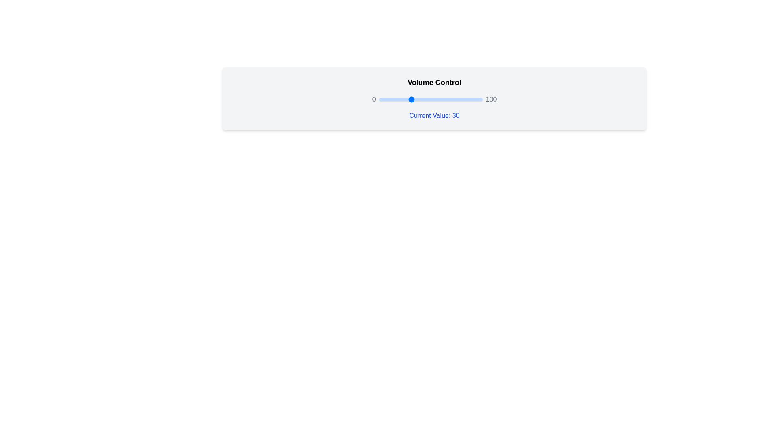 The width and height of the screenshot is (777, 437). What do you see at coordinates (419, 99) in the screenshot?
I see `the slider to set the volume to 39` at bounding box center [419, 99].